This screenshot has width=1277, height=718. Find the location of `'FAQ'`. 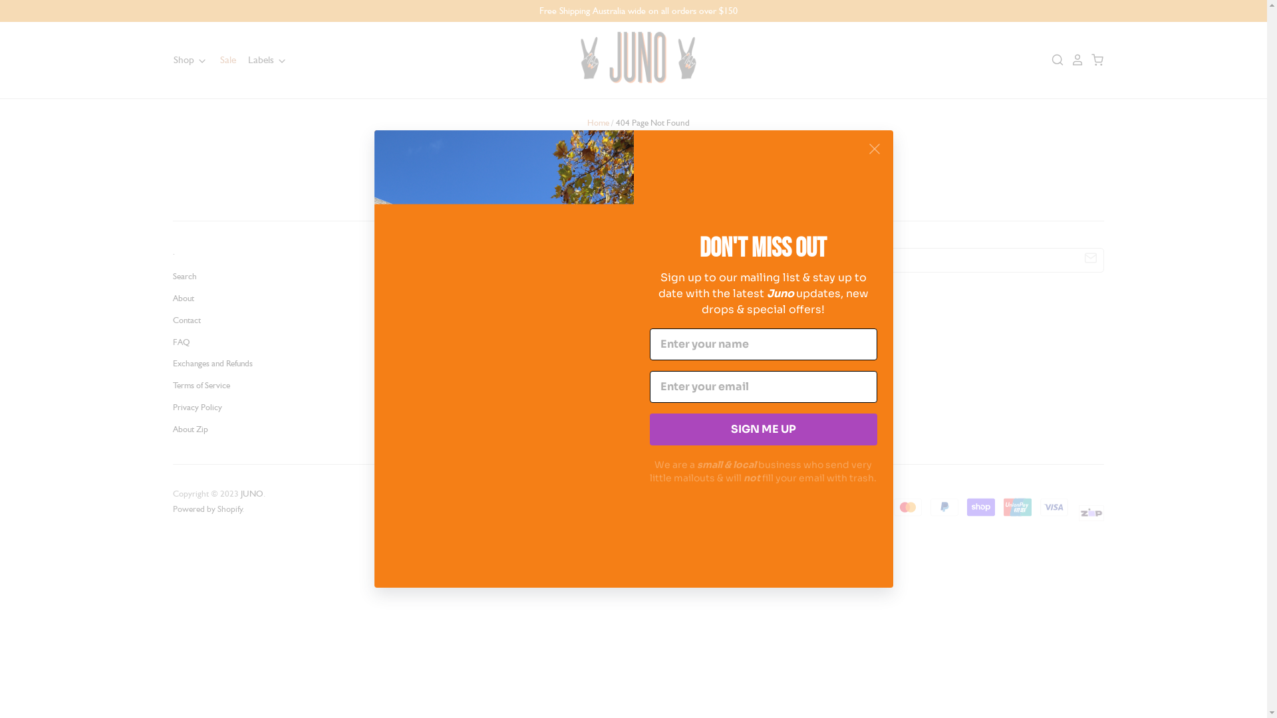

'FAQ' is located at coordinates (180, 341).